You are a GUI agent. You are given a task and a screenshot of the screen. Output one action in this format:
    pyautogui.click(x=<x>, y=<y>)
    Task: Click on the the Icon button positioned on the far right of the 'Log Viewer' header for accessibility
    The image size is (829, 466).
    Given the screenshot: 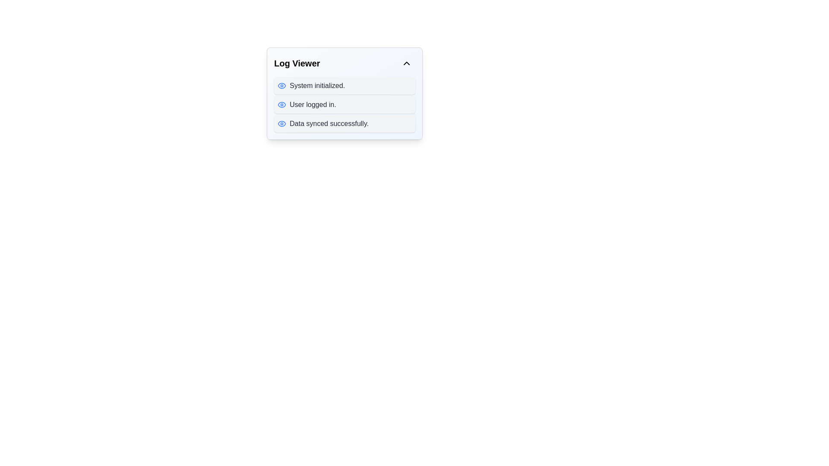 What is the action you would take?
    pyautogui.click(x=406, y=63)
    